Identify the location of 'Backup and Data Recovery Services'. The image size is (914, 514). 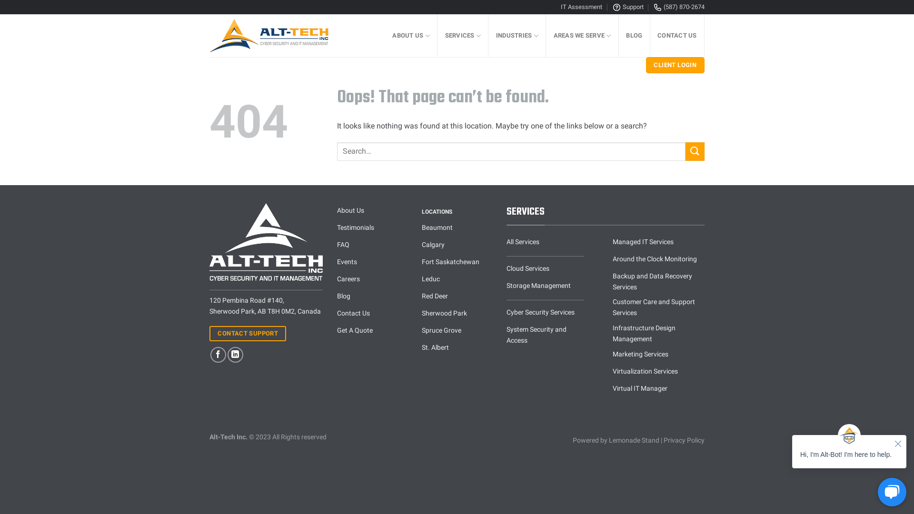
(658, 281).